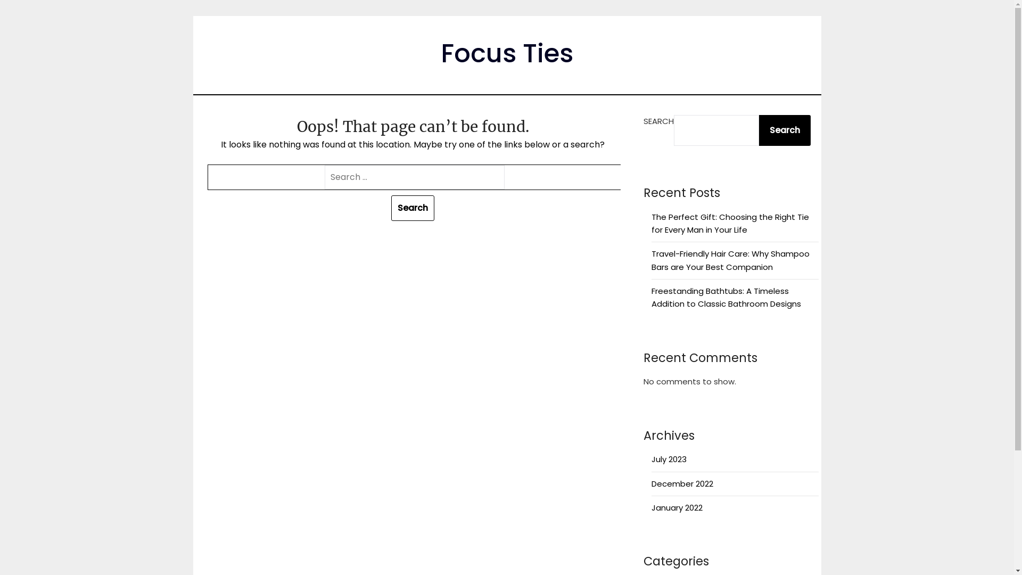  What do you see at coordinates (506, 53) in the screenshot?
I see `'Focus Ties'` at bounding box center [506, 53].